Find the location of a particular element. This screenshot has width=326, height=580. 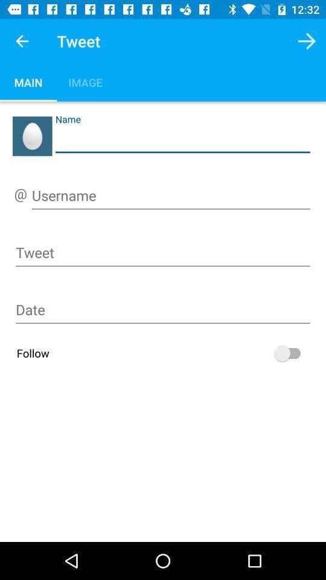

name is located at coordinates (182, 140).